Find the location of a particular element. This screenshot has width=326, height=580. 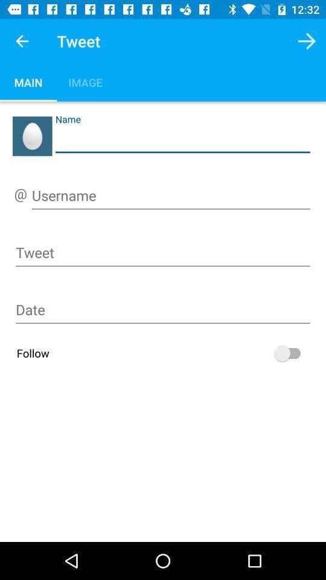

name is located at coordinates (182, 140).